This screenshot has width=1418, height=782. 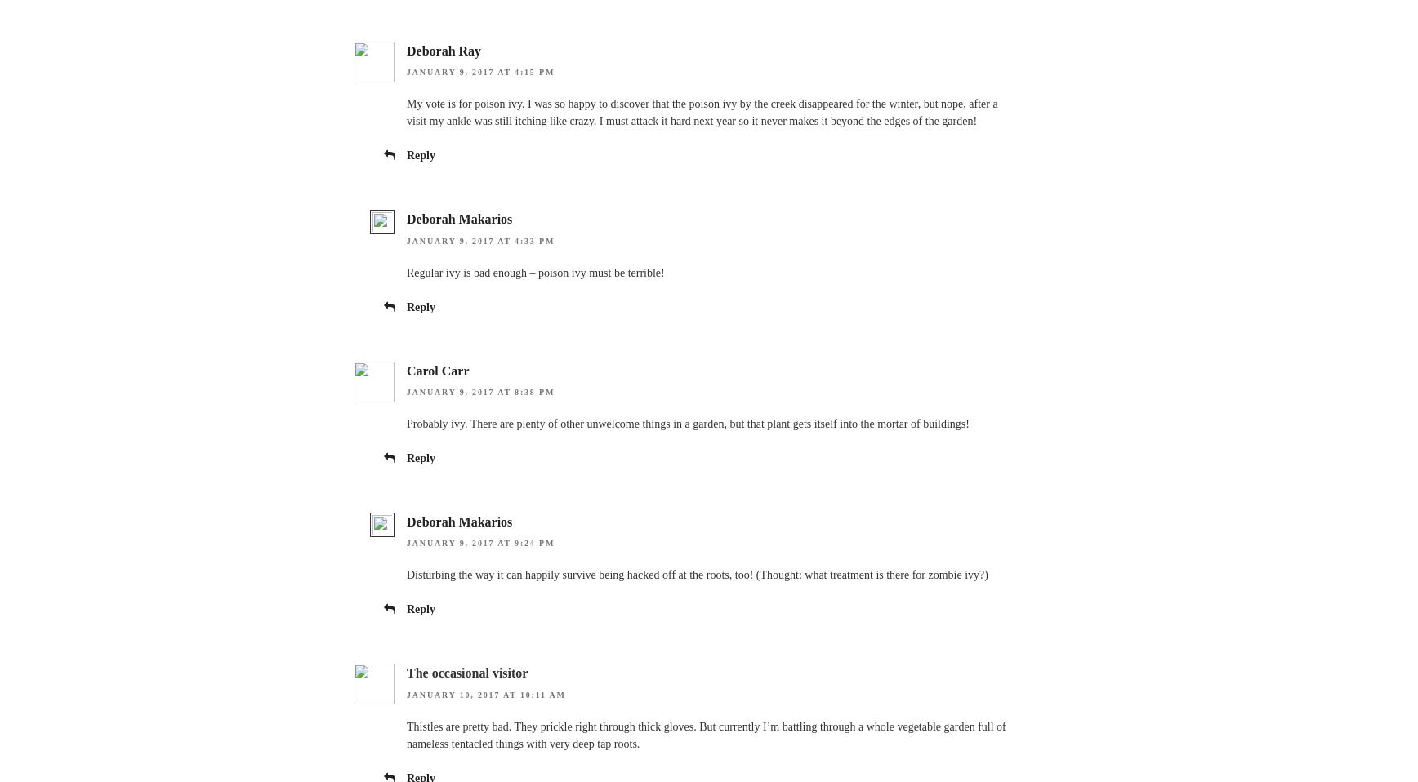 What do you see at coordinates (706, 735) in the screenshot?
I see `'Thistles are pretty bad. They prickle right through thick gloves. But currently I’m battling through a whole vegetable garden full of nameless tentacled things with very deep tap roots.'` at bounding box center [706, 735].